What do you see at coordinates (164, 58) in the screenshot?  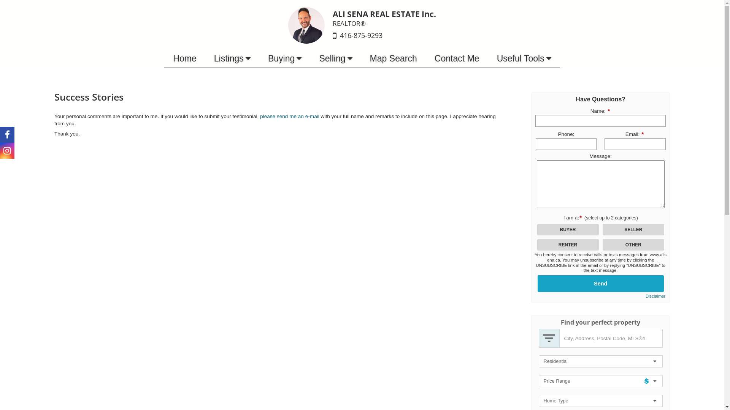 I see `'Home'` at bounding box center [164, 58].